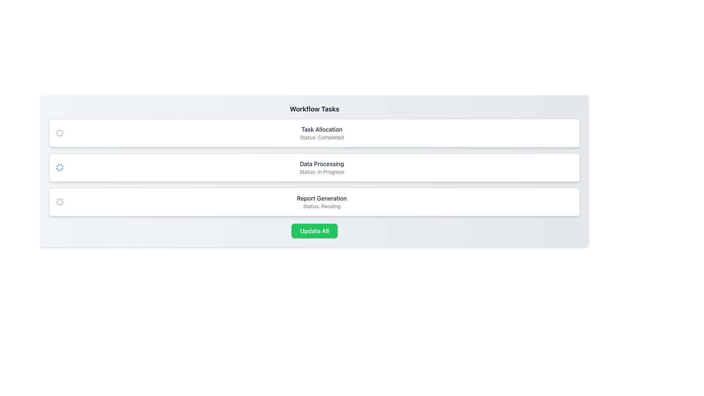 This screenshot has width=704, height=396. I want to click on the spinner or loader icon located inside the 'Task Allocation Status: Completed' section, which indicates a completed task or loading progress, so click(60, 133).